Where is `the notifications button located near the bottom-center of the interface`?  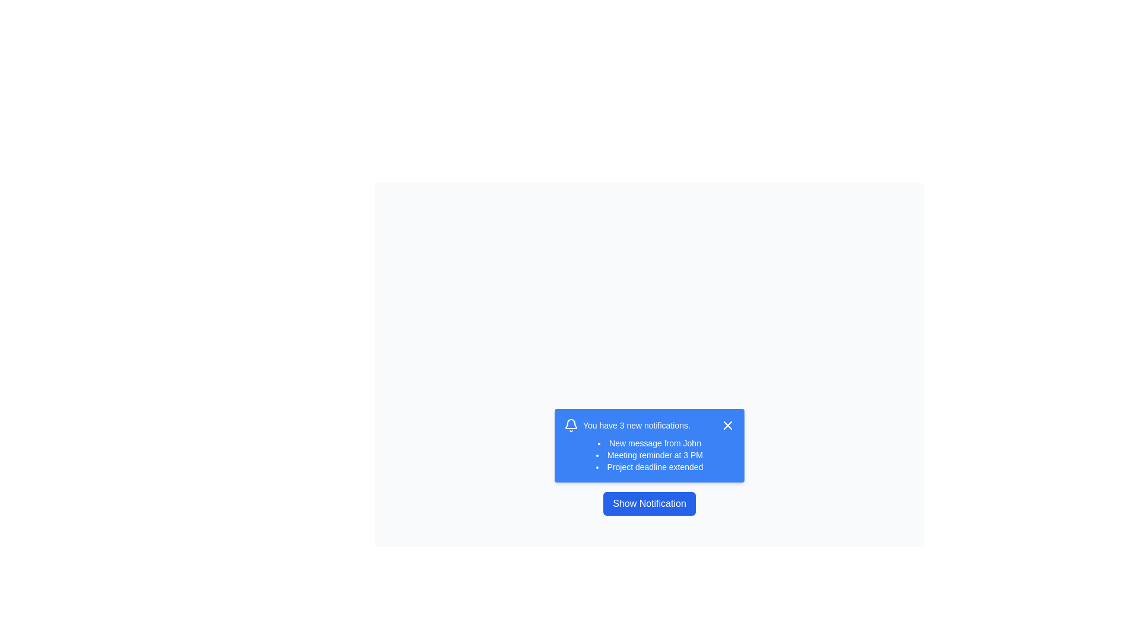 the notifications button located near the bottom-center of the interface is located at coordinates (648, 503).